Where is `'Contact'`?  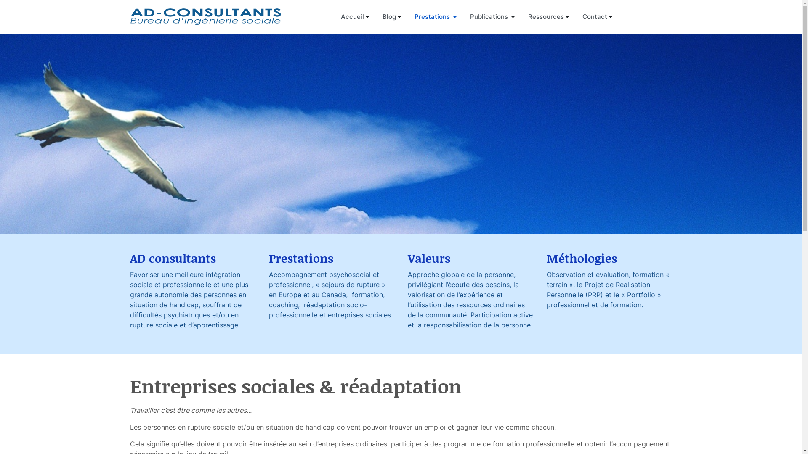 'Contact' is located at coordinates (597, 16).